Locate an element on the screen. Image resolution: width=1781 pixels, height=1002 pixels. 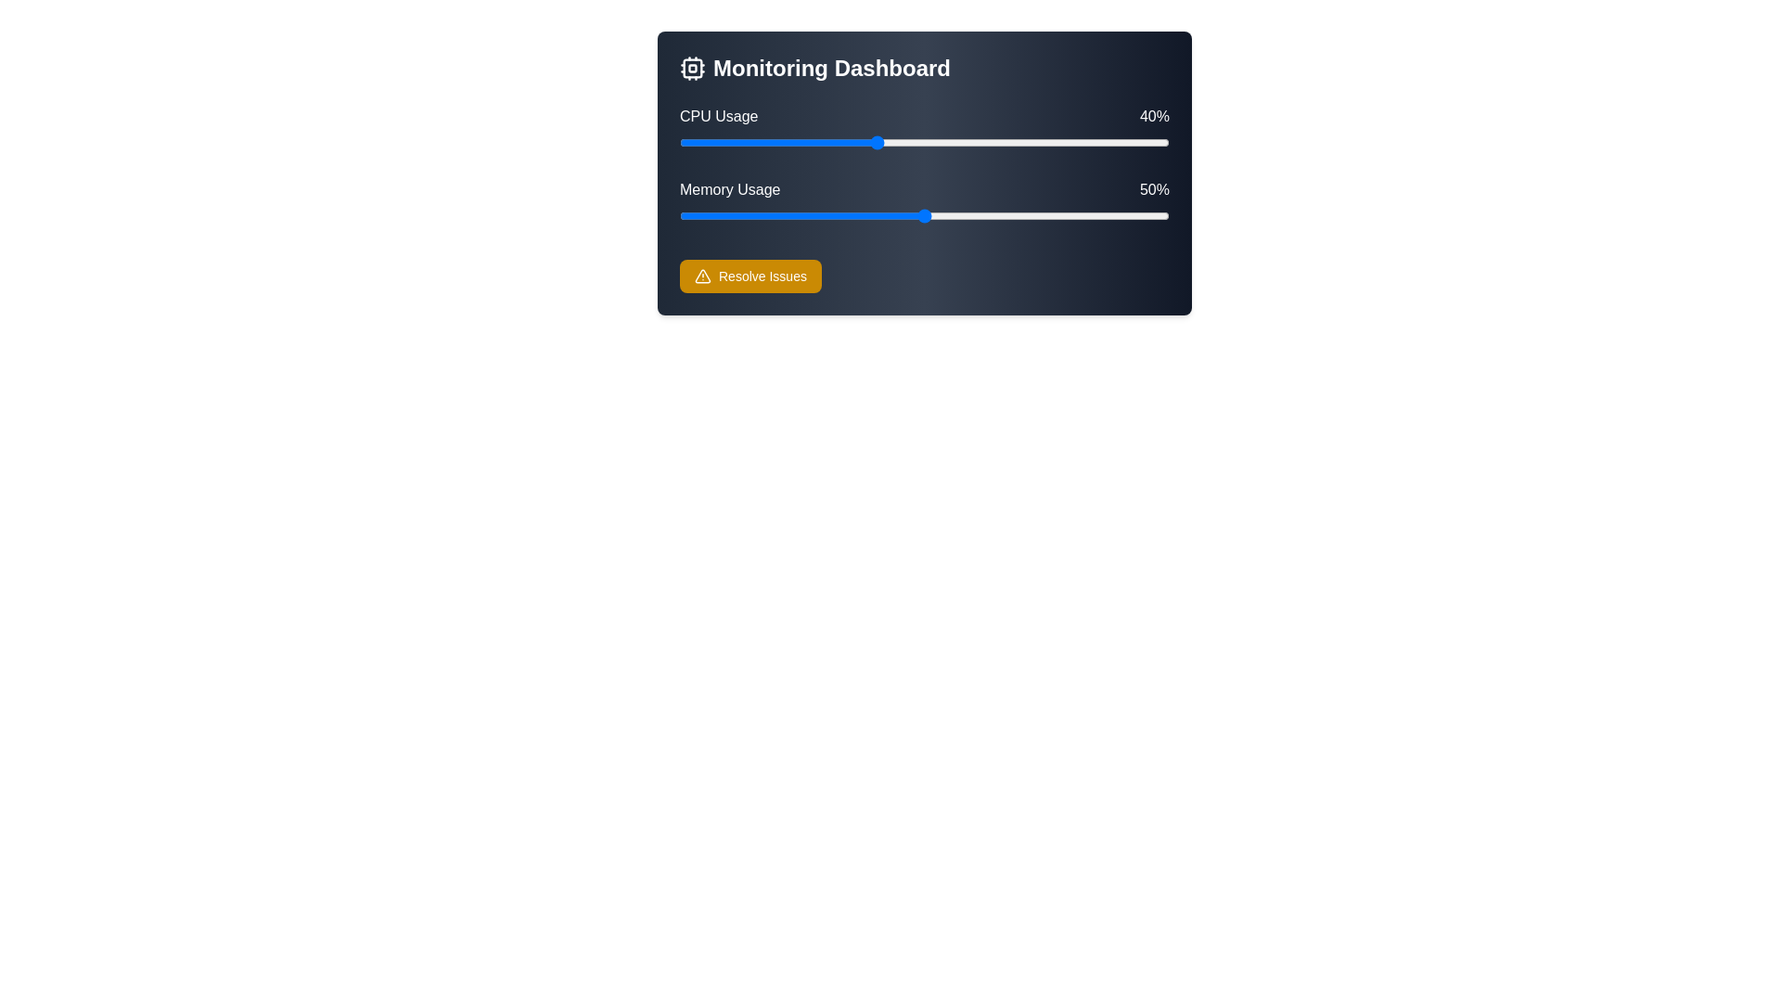
the 'Resolve Issues' button that contains the alert icon located to the left of the text, positioned at the center bottom of the card is located at coordinates (702, 276).